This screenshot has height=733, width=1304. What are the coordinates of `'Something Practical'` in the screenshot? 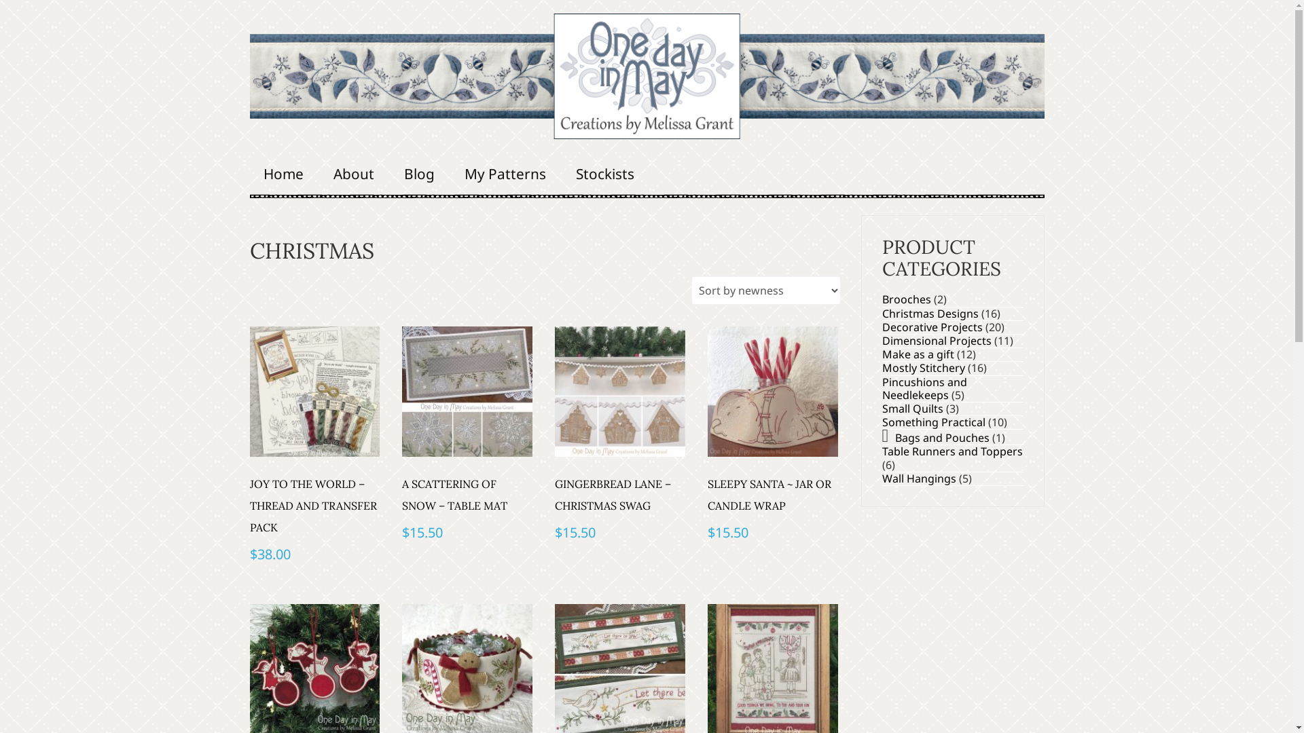 It's located at (932, 421).